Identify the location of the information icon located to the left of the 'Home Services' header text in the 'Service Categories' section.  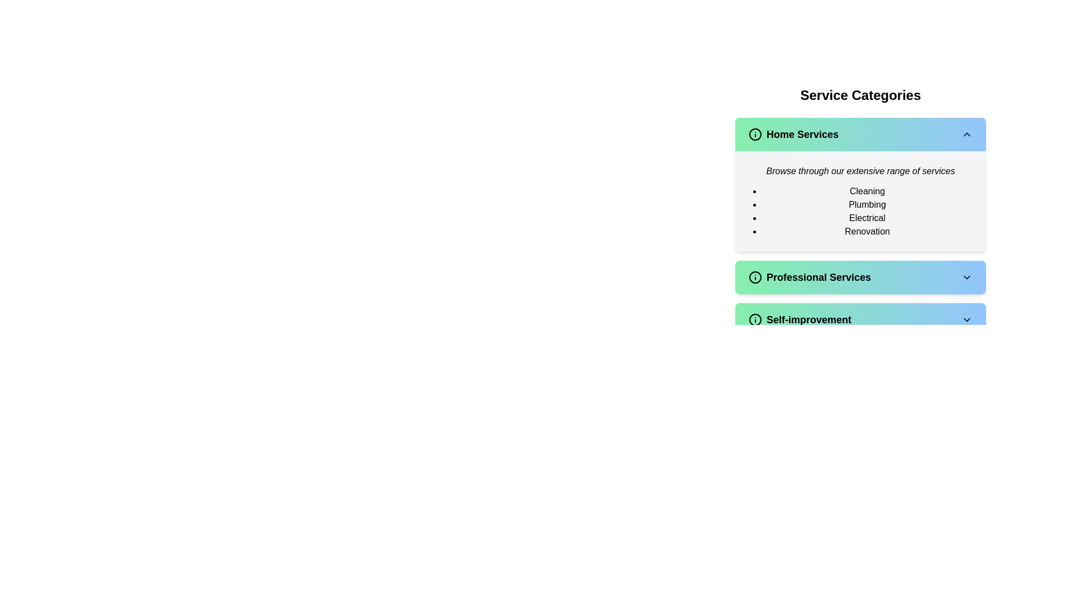
(755, 133).